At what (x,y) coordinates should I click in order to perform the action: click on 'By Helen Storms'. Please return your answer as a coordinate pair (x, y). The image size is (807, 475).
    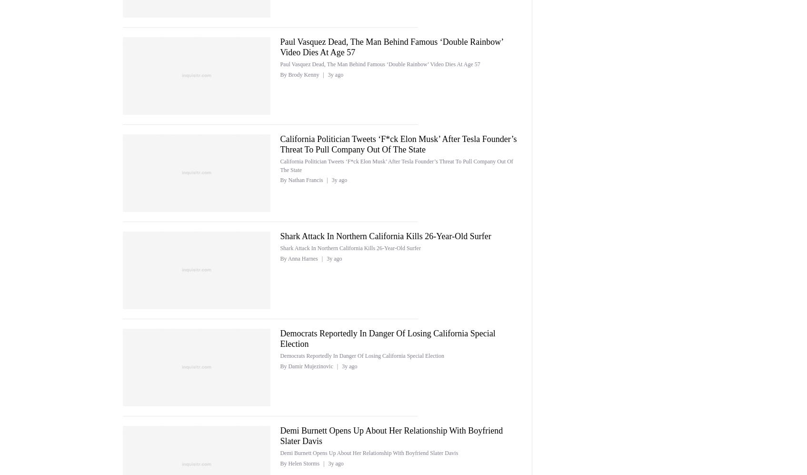
    Looking at the image, I should click on (300, 462).